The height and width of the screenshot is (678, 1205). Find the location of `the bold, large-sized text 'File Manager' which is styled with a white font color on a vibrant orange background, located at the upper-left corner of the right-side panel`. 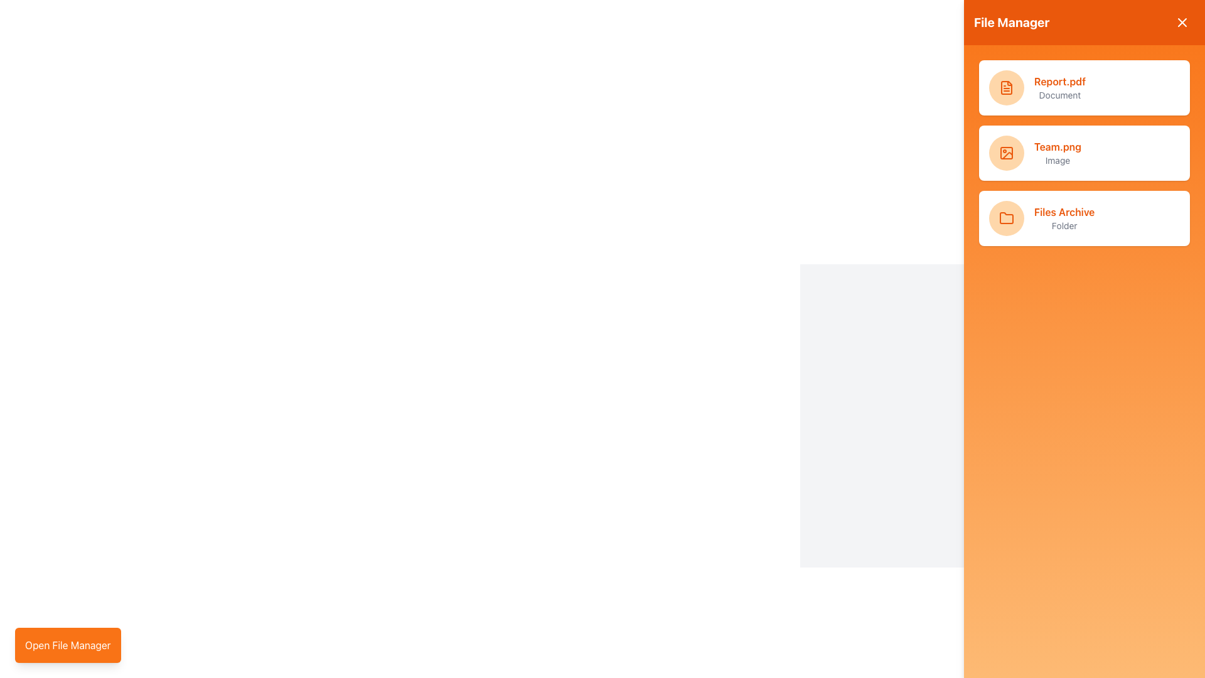

the bold, large-sized text 'File Manager' which is styled with a white font color on a vibrant orange background, located at the upper-left corner of the right-side panel is located at coordinates (1012, 22).